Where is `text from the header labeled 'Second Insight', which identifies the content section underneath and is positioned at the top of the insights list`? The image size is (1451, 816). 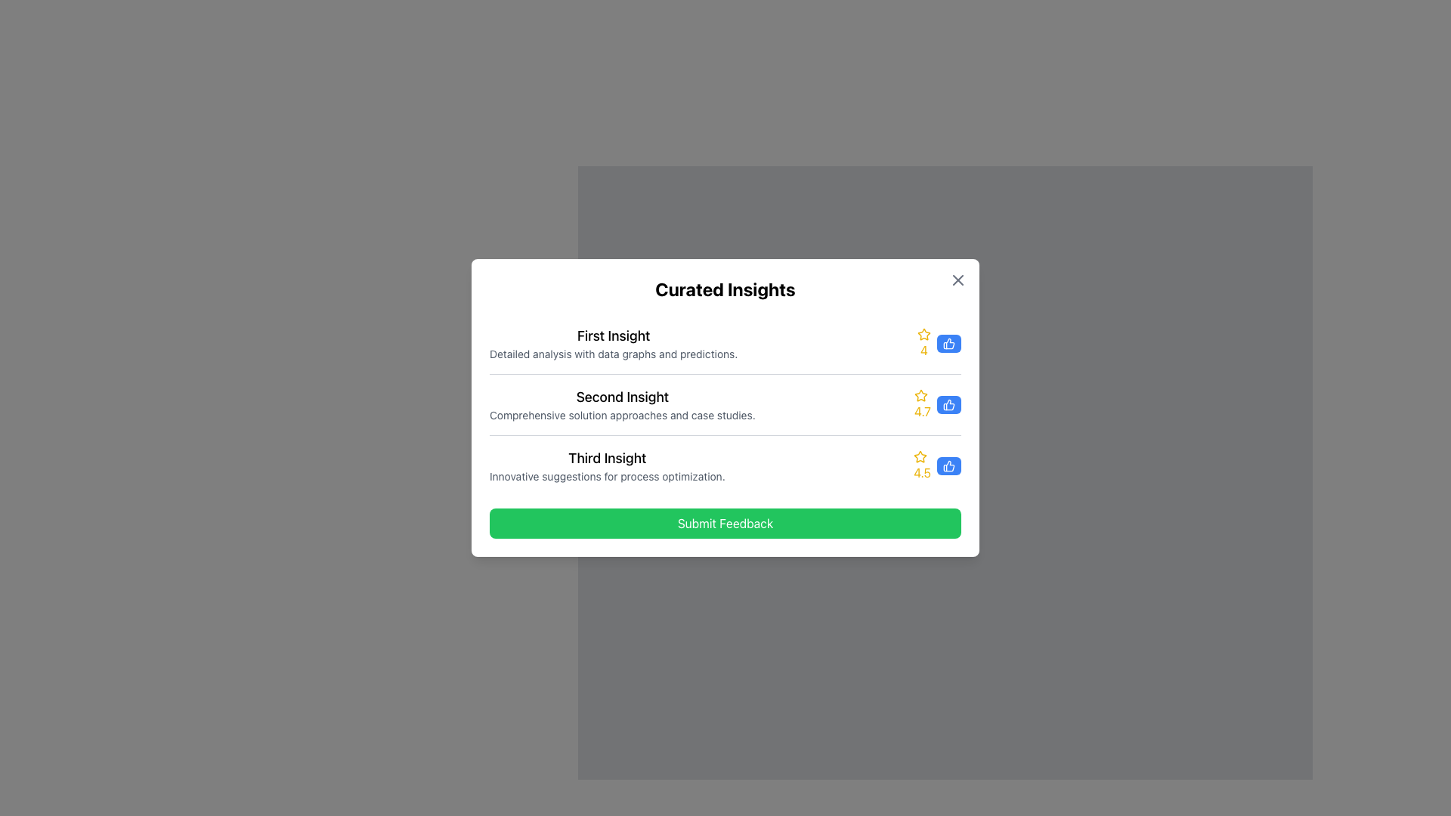 text from the header labeled 'Second Insight', which identifies the content section underneath and is positioned at the top of the insights list is located at coordinates (622, 396).